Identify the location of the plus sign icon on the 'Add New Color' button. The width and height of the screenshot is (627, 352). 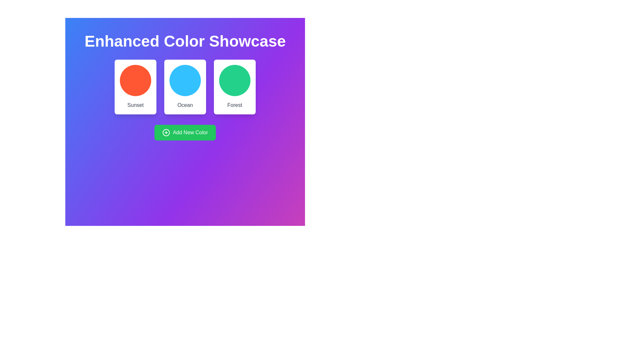
(166, 132).